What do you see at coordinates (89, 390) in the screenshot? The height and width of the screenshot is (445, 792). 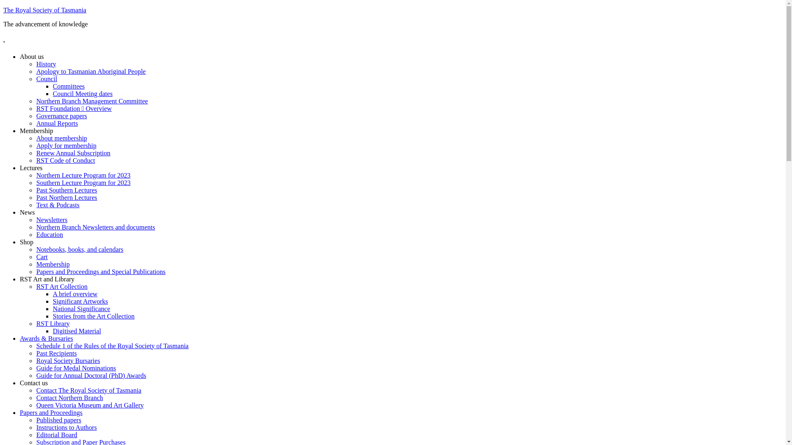 I see `'Contact The Royal Society of Tasmania'` at bounding box center [89, 390].